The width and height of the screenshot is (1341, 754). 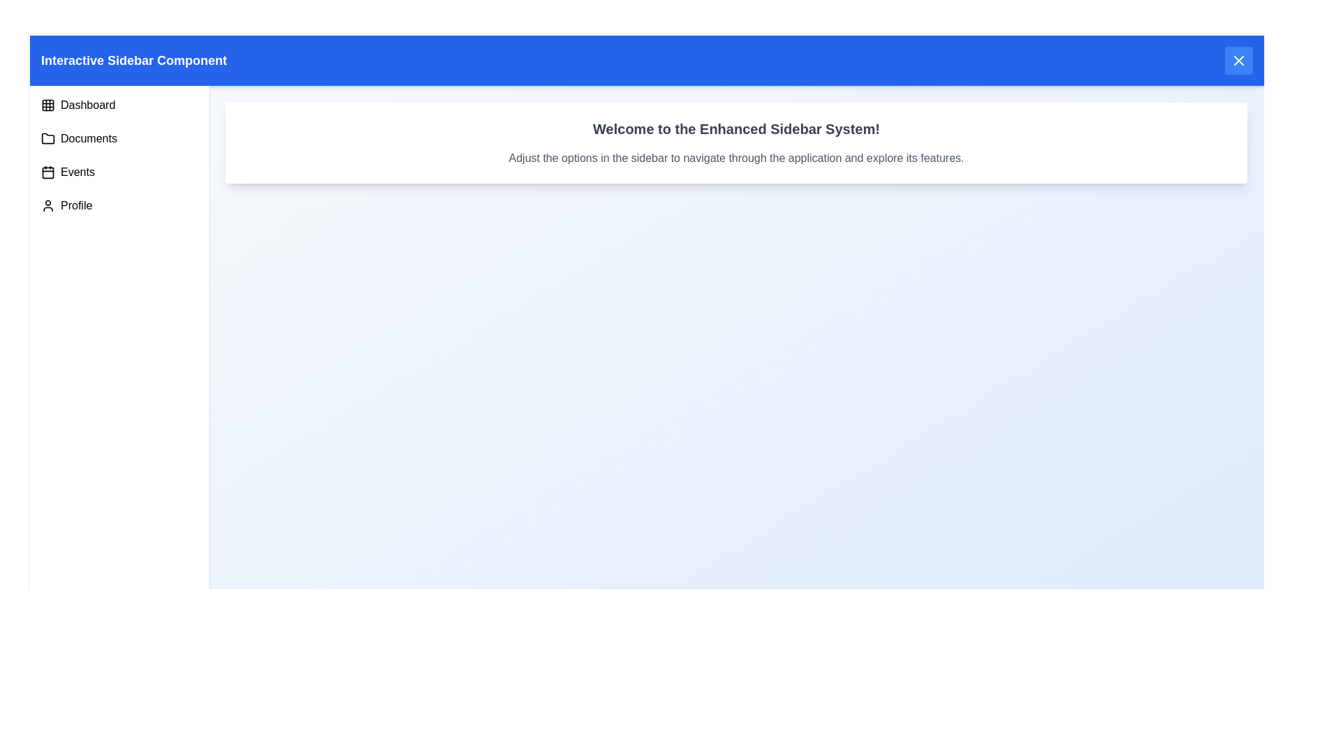 I want to click on to select the dashboard icon located in the first cell of the grid within the sidebar menu, so click(x=47, y=104).